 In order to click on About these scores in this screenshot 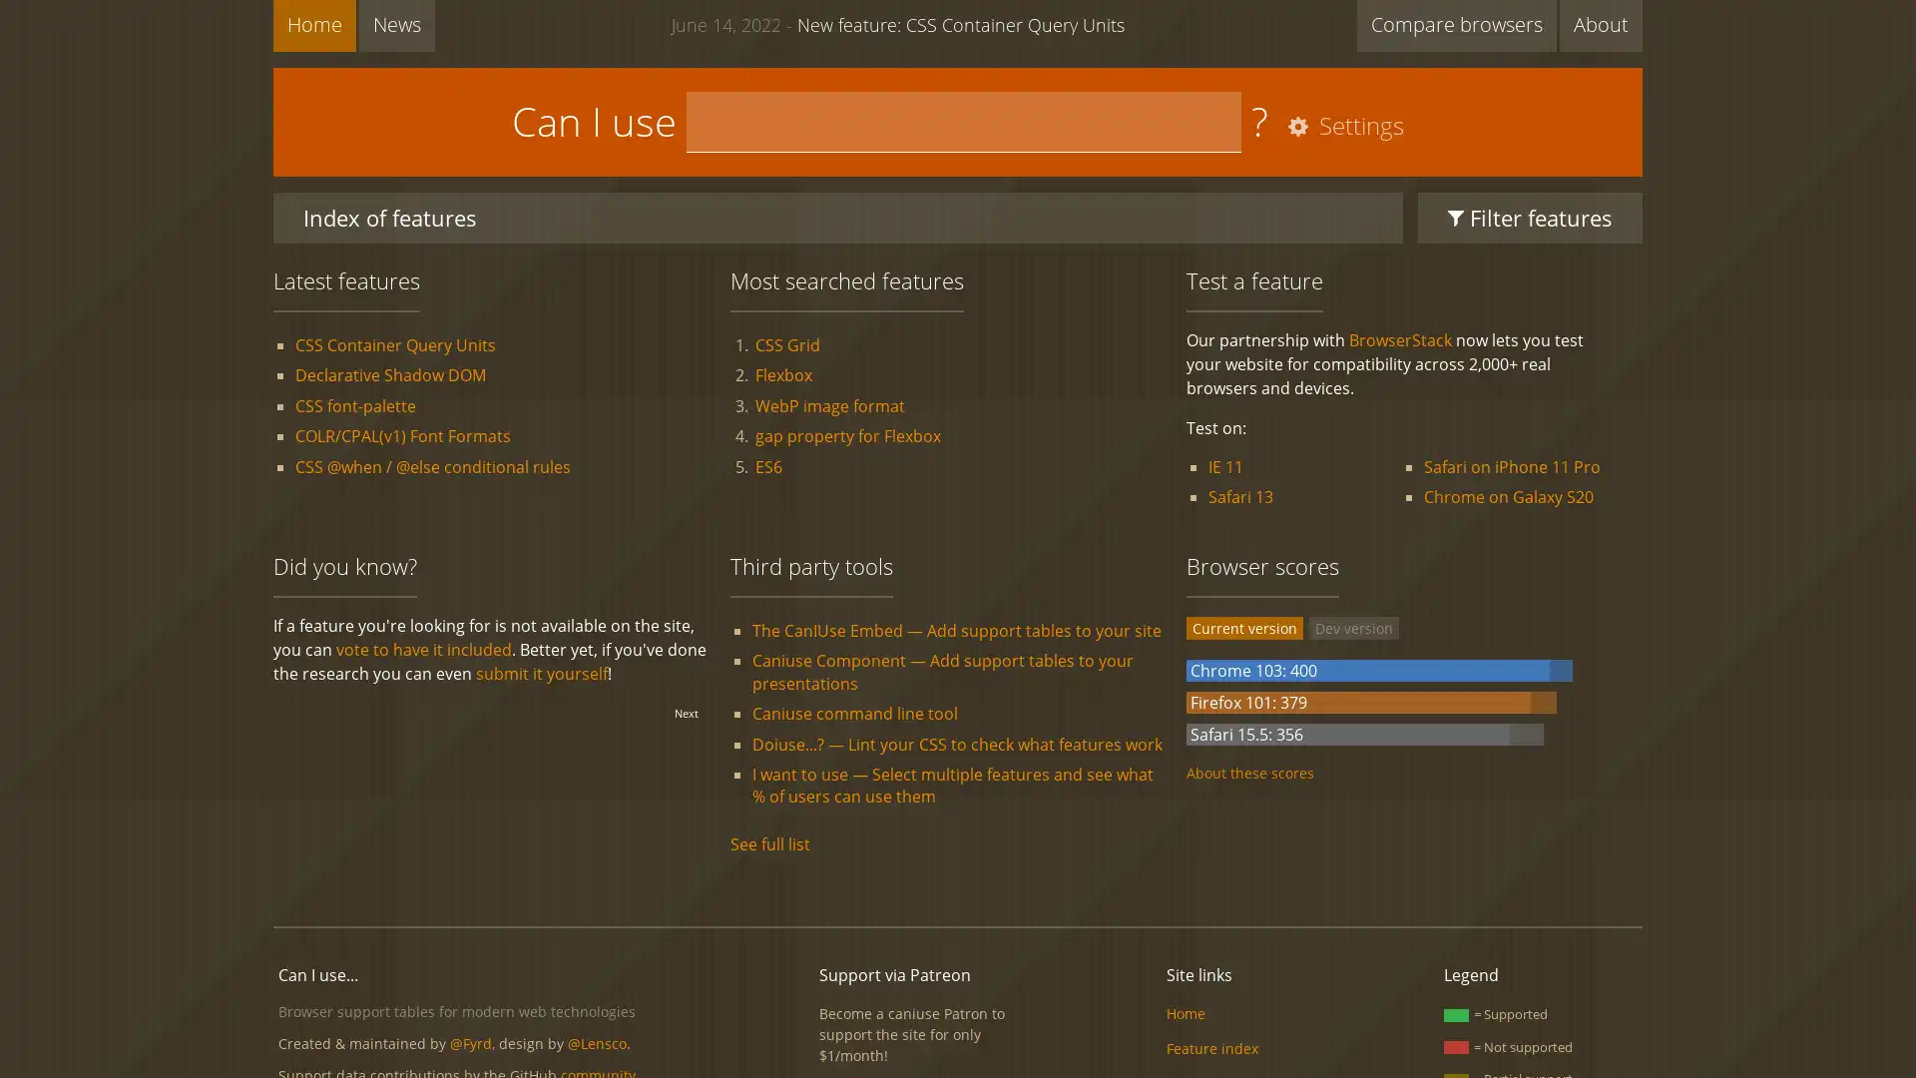, I will do `click(1248, 772)`.